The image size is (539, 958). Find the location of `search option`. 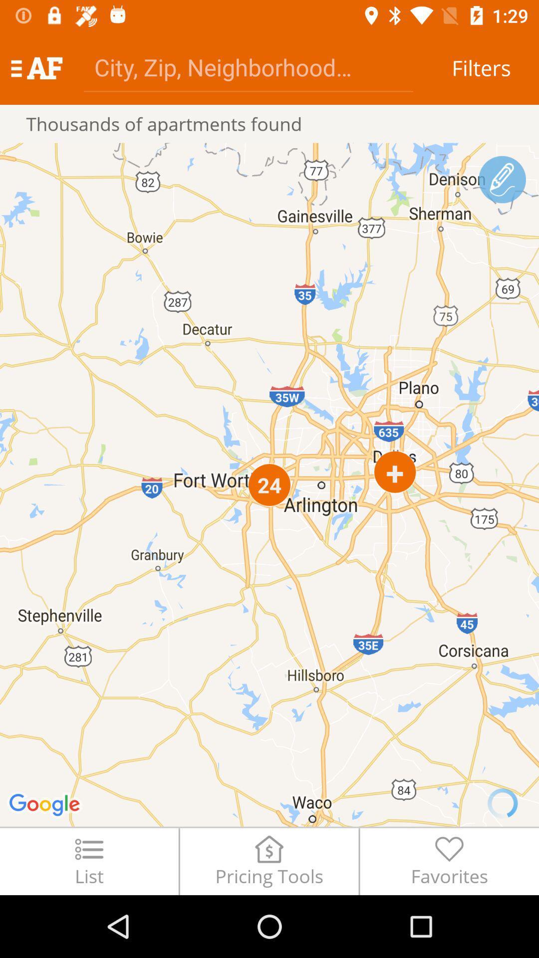

search option is located at coordinates (248, 66).